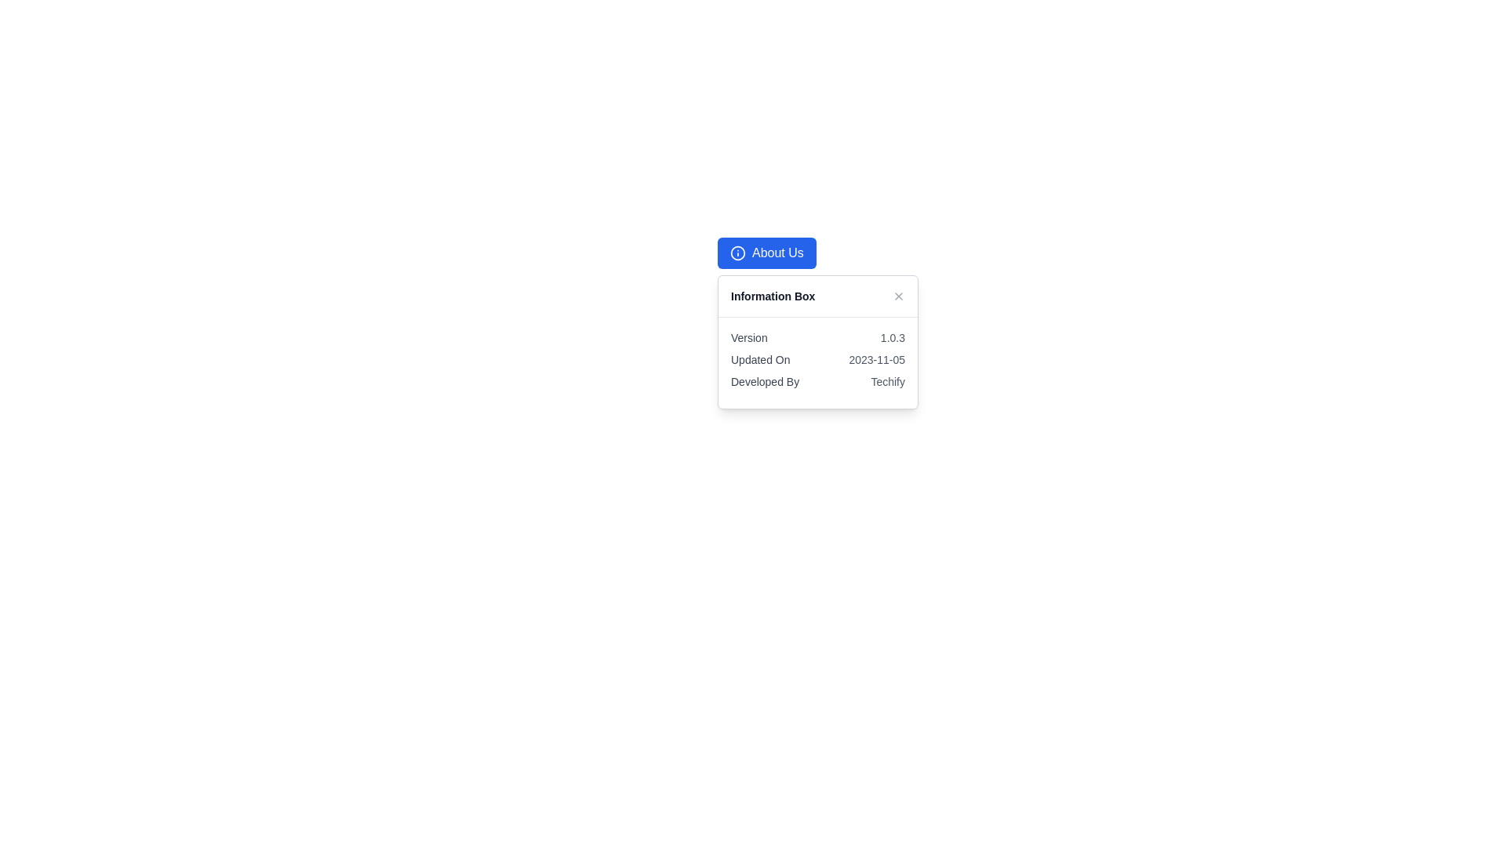 Image resolution: width=1506 pixels, height=847 pixels. What do you see at coordinates (893, 337) in the screenshot?
I see `version number displayed in the static text label located in the second column of the information box, immediately to the right of the 'Version' label` at bounding box center [893, 337].